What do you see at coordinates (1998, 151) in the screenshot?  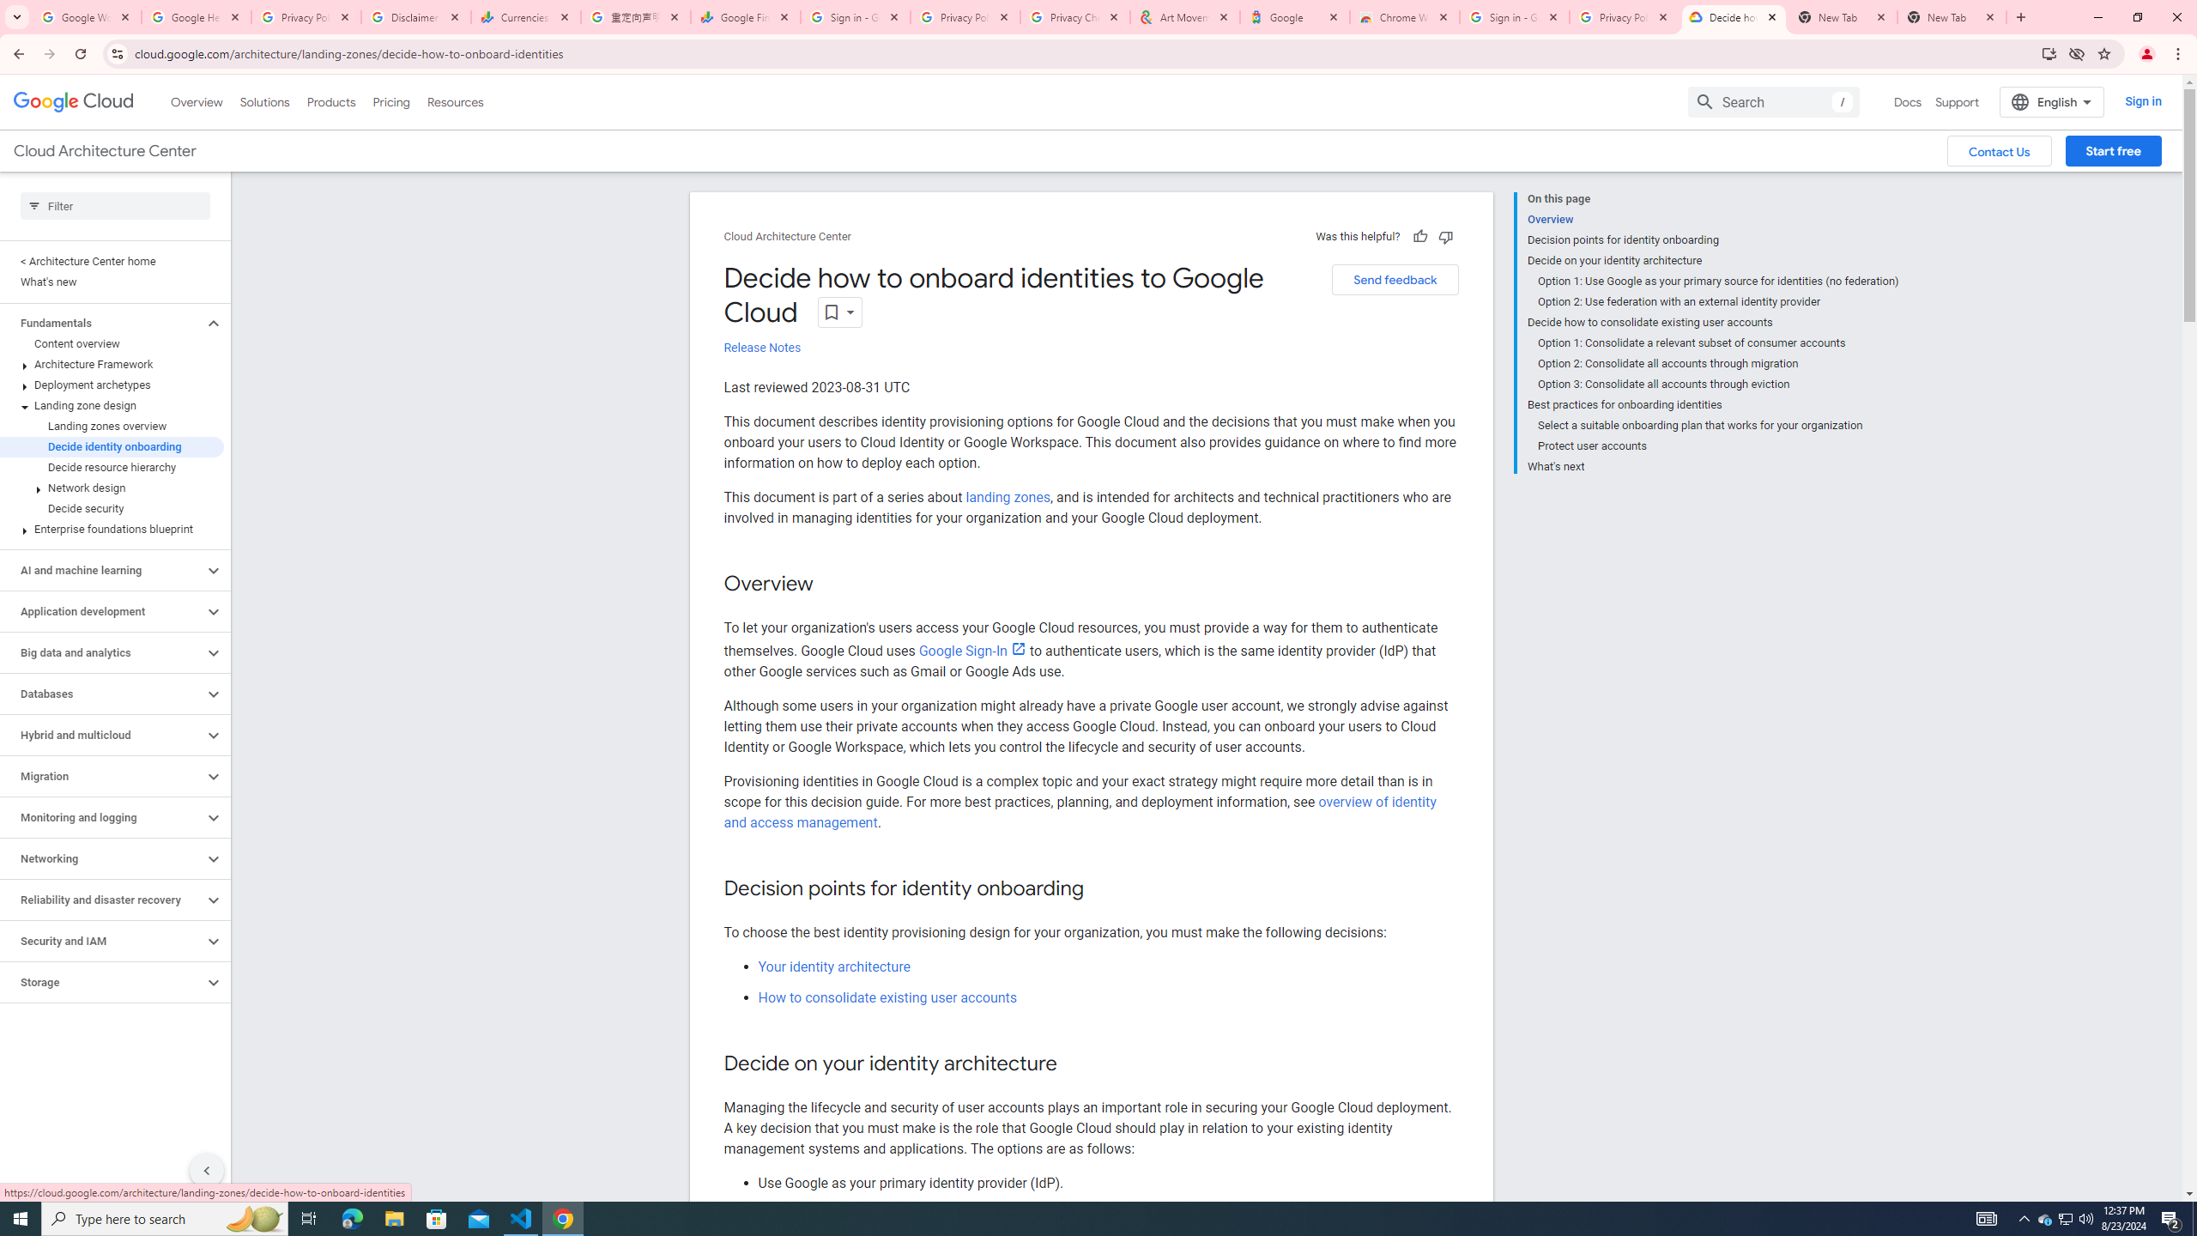 I see `'Contact Us'` at bounding box center [1998, 151].